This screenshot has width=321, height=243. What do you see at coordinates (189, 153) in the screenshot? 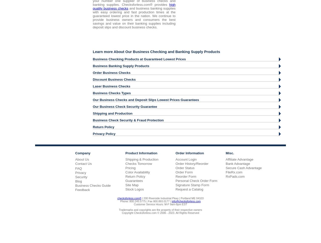
I see `'Order Information'` at bounding box center [189, 153].